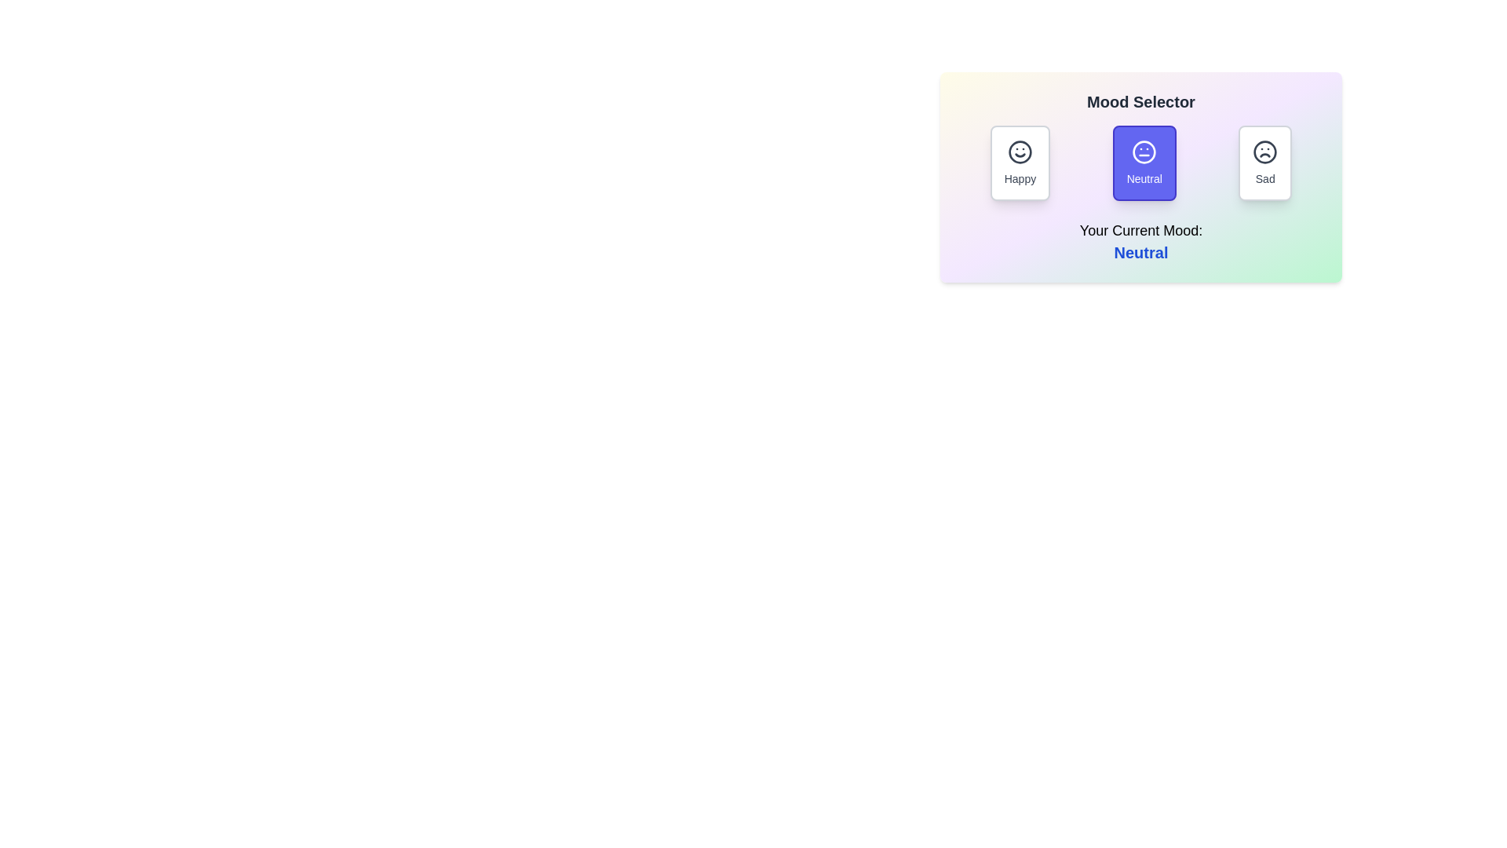 This screenshot has height=848, width=1507. I want to click on the 'Neutral' mood icon located in the central button of the three-button mood selector bar, which indicates the selected mood when active, so click(1144, 152).